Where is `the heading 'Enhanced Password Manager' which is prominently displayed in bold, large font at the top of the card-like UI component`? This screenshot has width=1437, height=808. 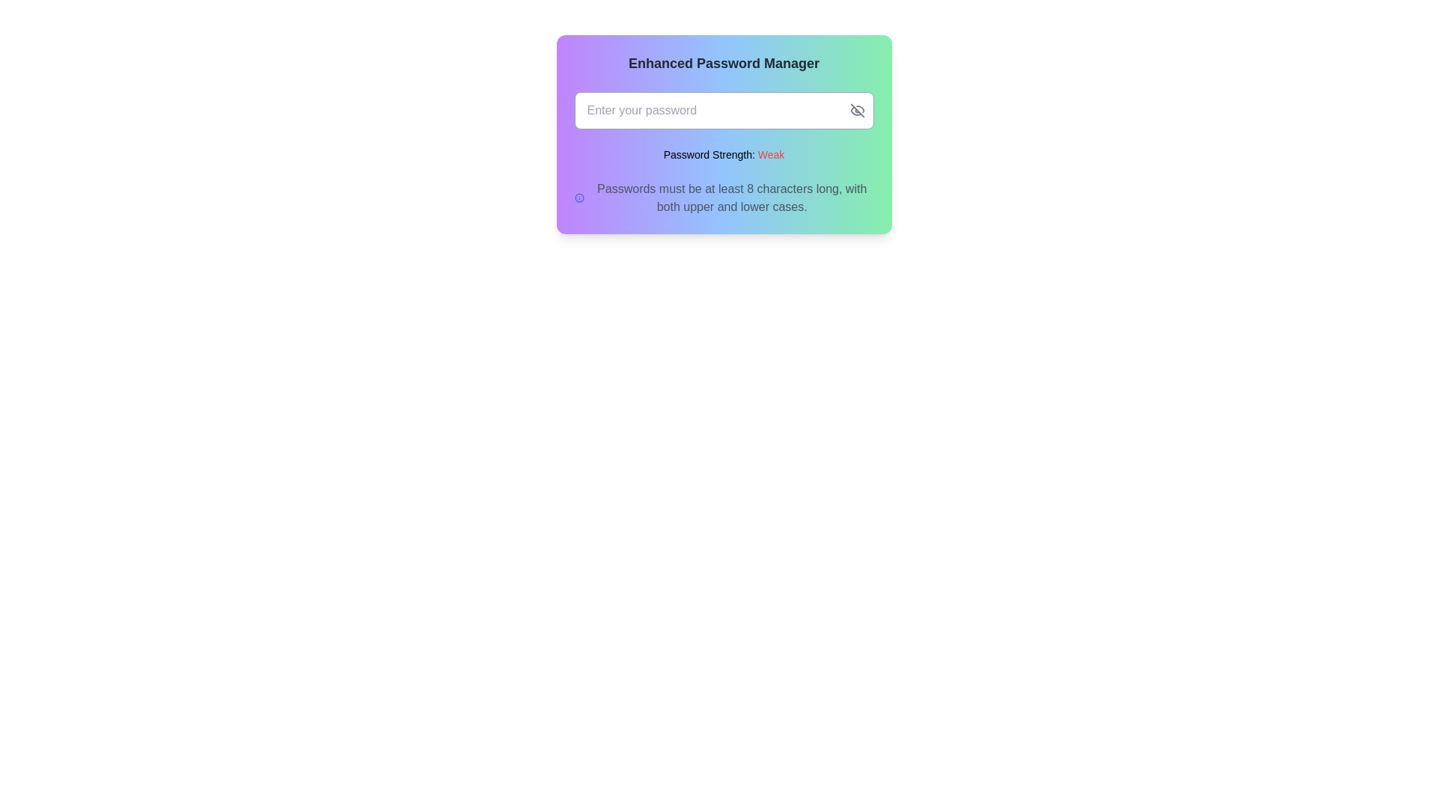 the heading 'Enhanced Password Manager' which is prominently displayed in bold, large font at the top of the card-like UI component is located at coordinates (724, 62).